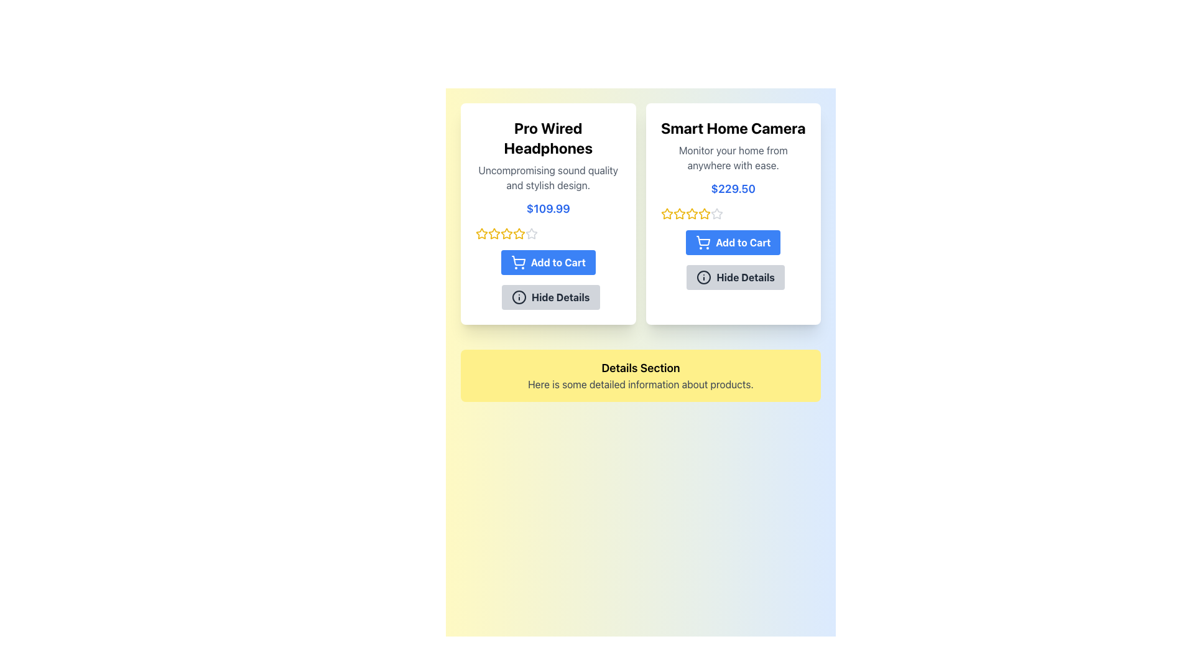  Describe the element at coordinates (691, 213) in the screenshot. I see `the third rating star icon` at that location.